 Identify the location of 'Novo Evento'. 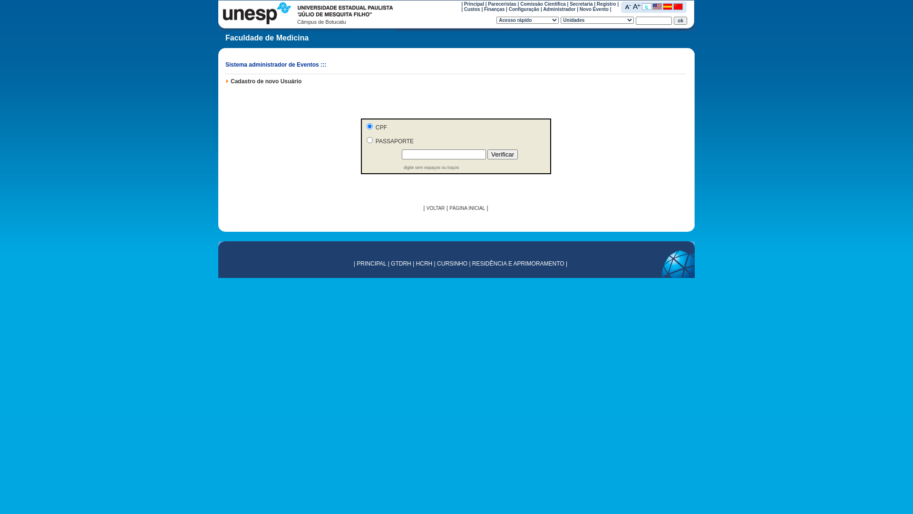
(593, 9).